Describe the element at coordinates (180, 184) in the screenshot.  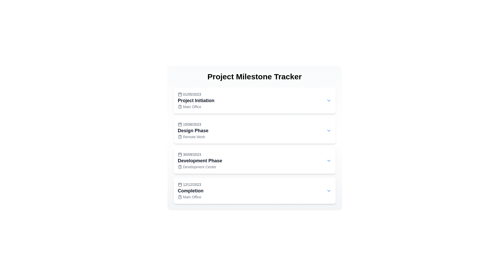
I see `the calendar icon that contains the graphical rectangle representing the date '12/12/2023'` at that location.